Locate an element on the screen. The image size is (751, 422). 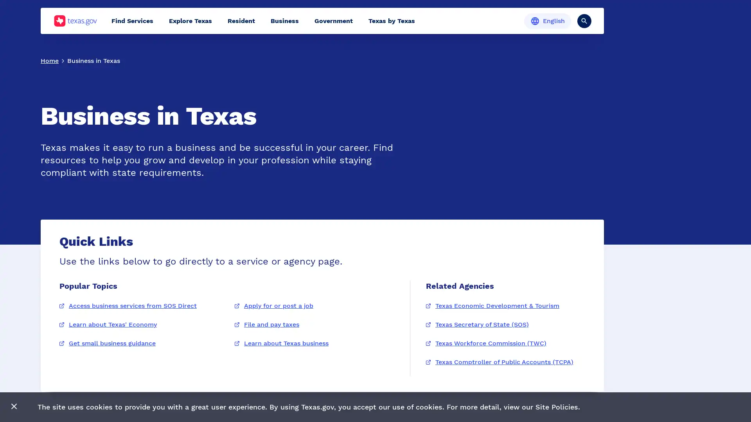
Explore Texas is located at coordinates (190, 20).